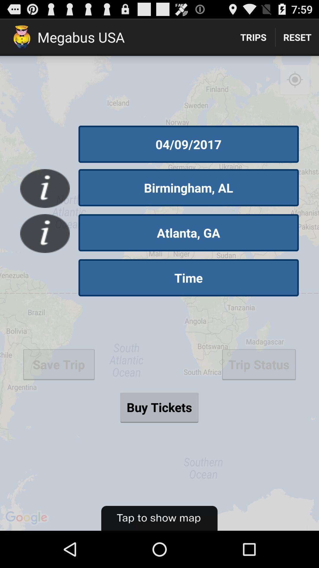 The image size is (319, 568). What do you see at coordinates (188, 187) in the screenshot?
I see `button above atlanta, ga` at bounding box center [188, 187].